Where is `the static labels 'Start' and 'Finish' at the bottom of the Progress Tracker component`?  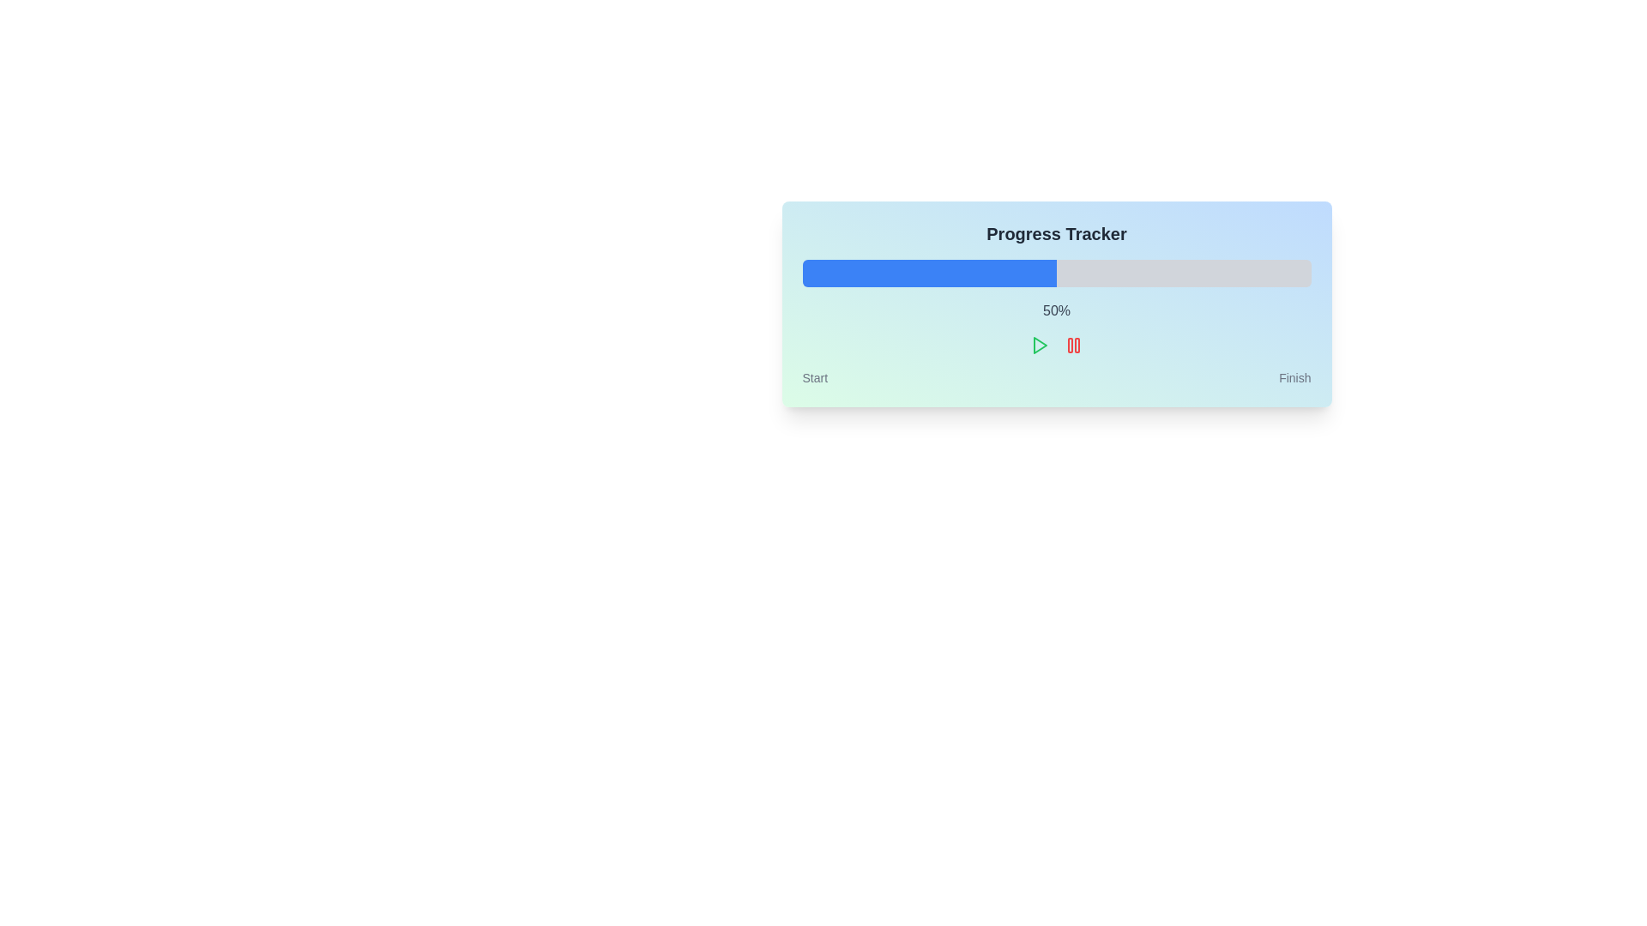 the static labels 'Start' and 'Finish' at the bottom of the Progress Tracker component is located at coordinates (1056, 376).